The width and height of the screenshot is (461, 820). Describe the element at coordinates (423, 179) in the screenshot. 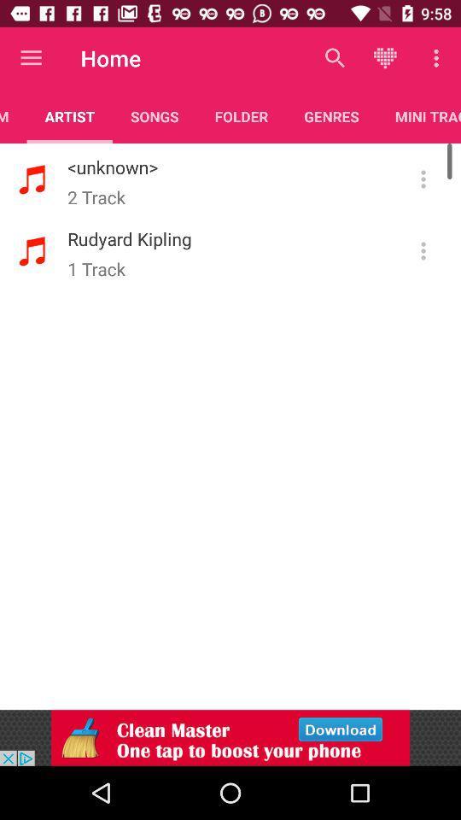

I see `control menu` at that location.